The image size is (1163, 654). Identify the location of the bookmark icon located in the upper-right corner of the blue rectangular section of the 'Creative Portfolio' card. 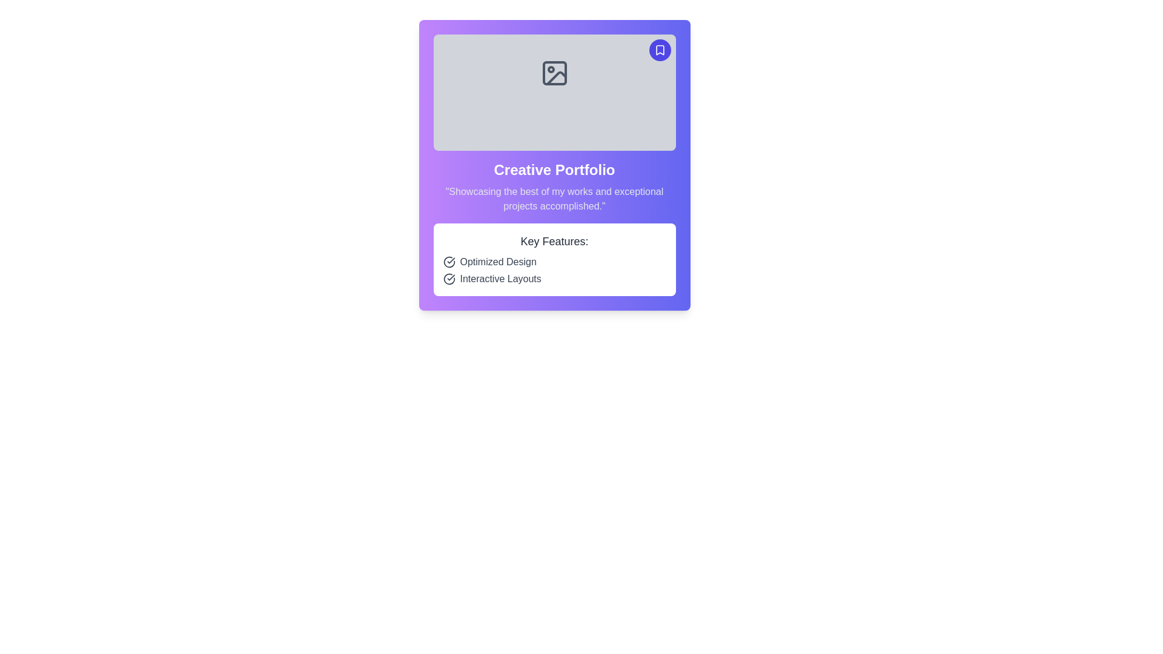
(659, 50).